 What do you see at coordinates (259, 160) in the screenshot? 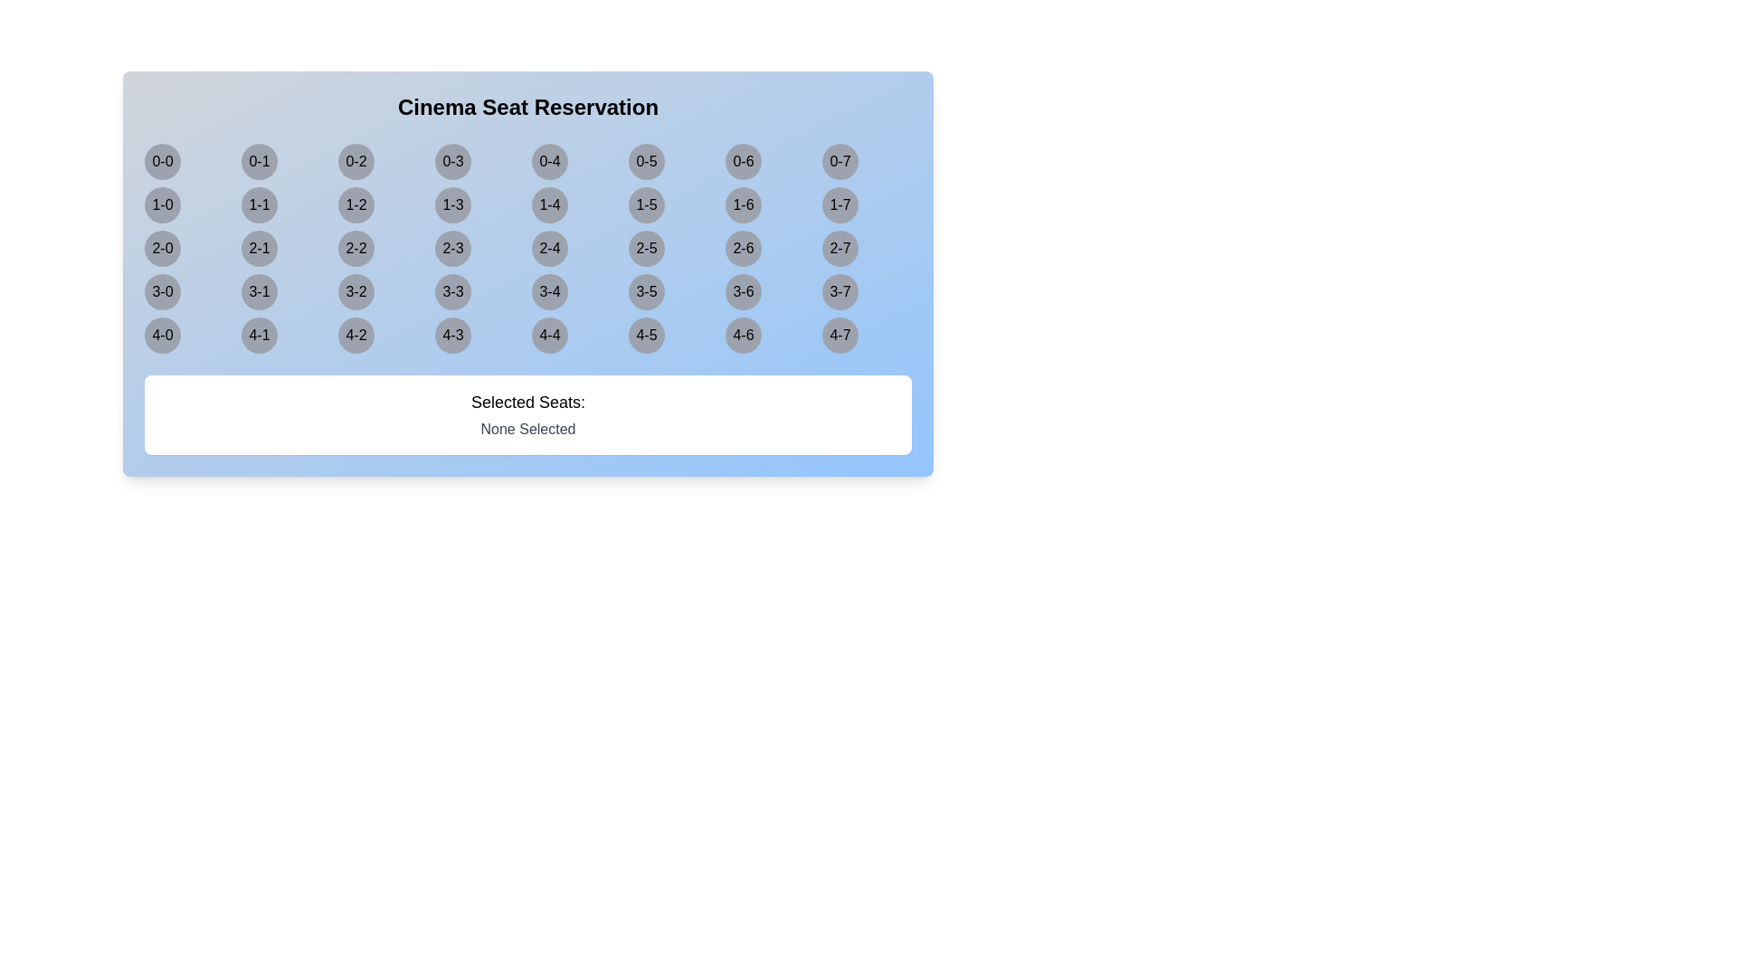
I see `the circular button labeled '0-1' with a gray background` at bounding box center [259, 160].